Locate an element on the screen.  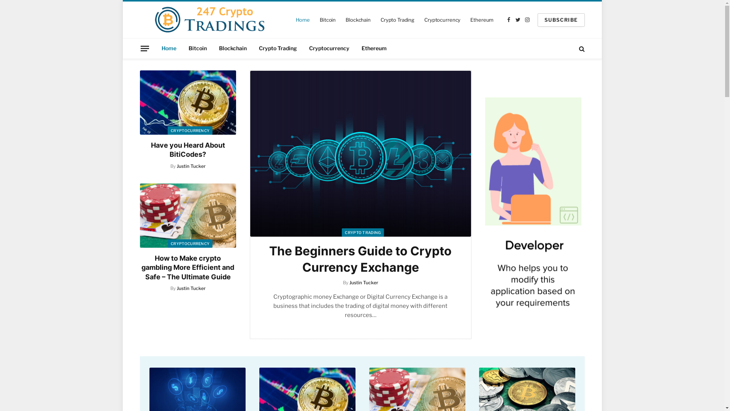
'CRYPTOCURRENCY' is located at coordinates (190, 130).